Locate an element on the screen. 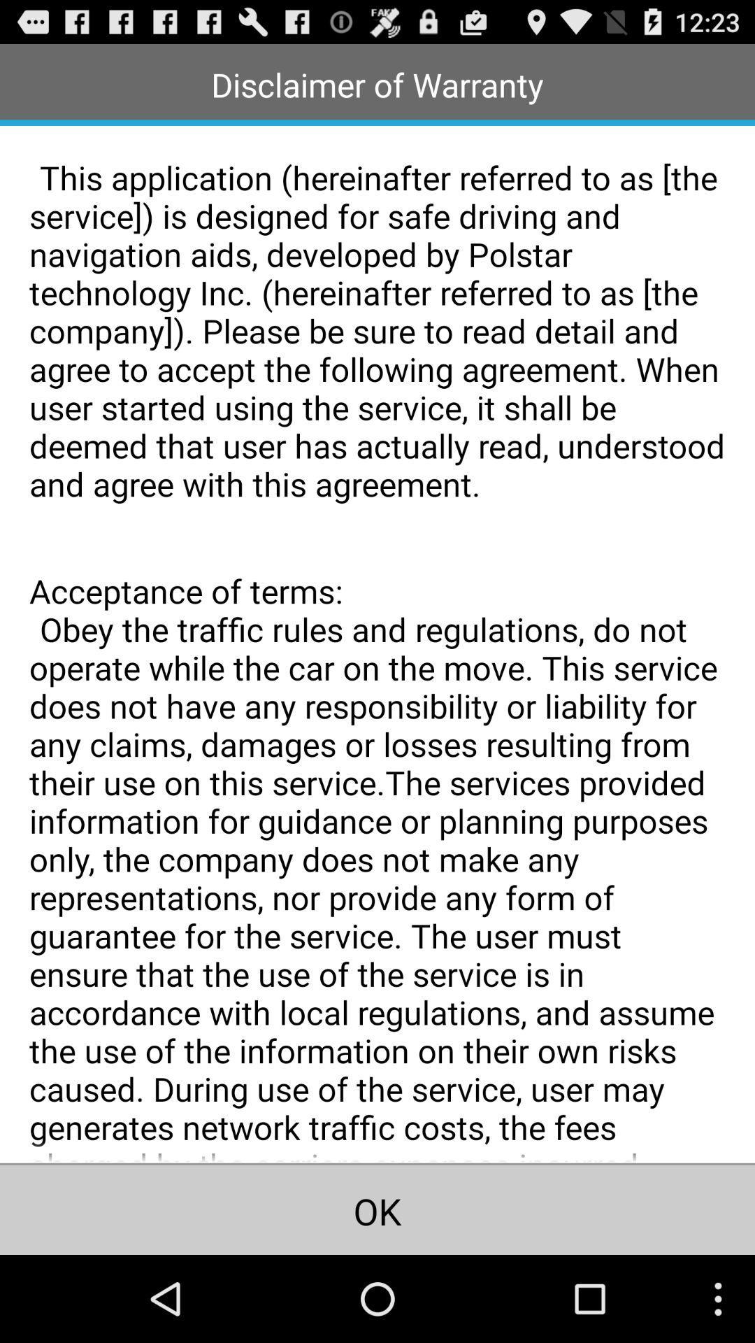 This screenshot has height=1343, width=755. ok item is located at coordinates (377, 1209).